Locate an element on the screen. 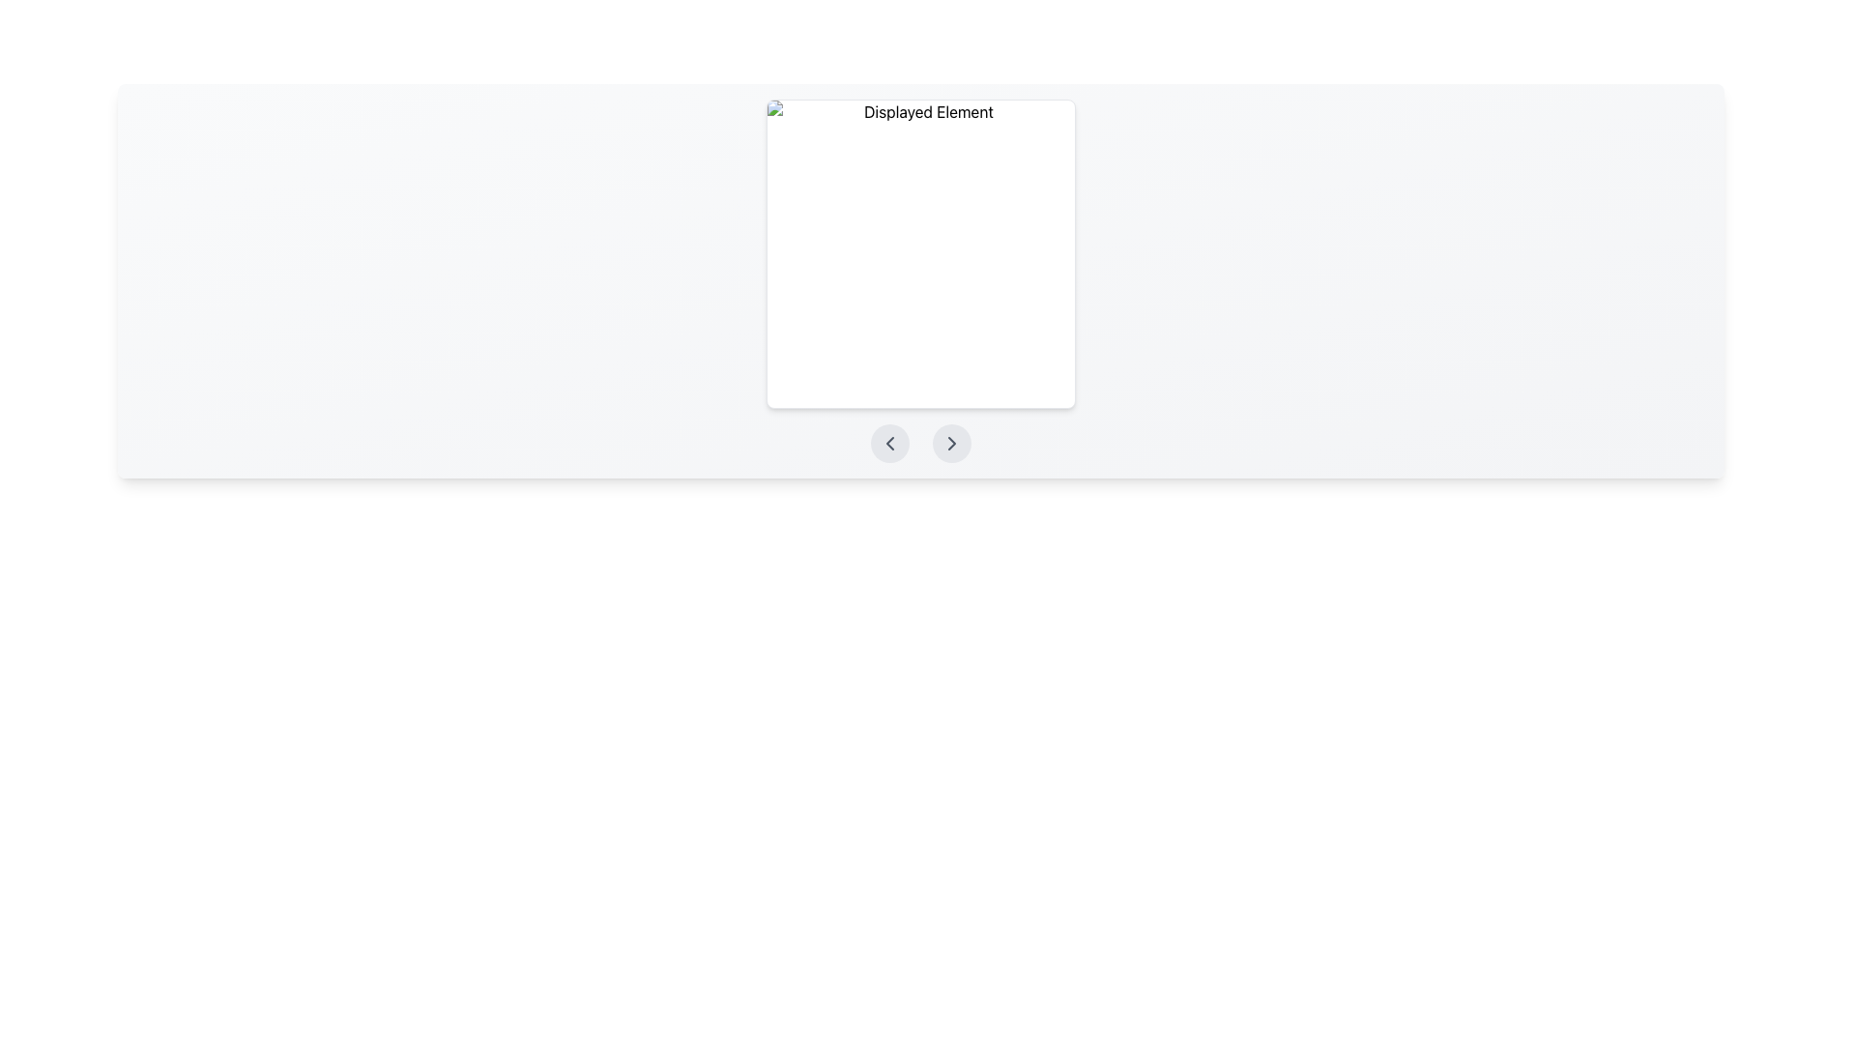  the image placeholder element, which is centrally located within a square white card with rounded corners, within its permissible bounds is located at coordinates (920, 252).